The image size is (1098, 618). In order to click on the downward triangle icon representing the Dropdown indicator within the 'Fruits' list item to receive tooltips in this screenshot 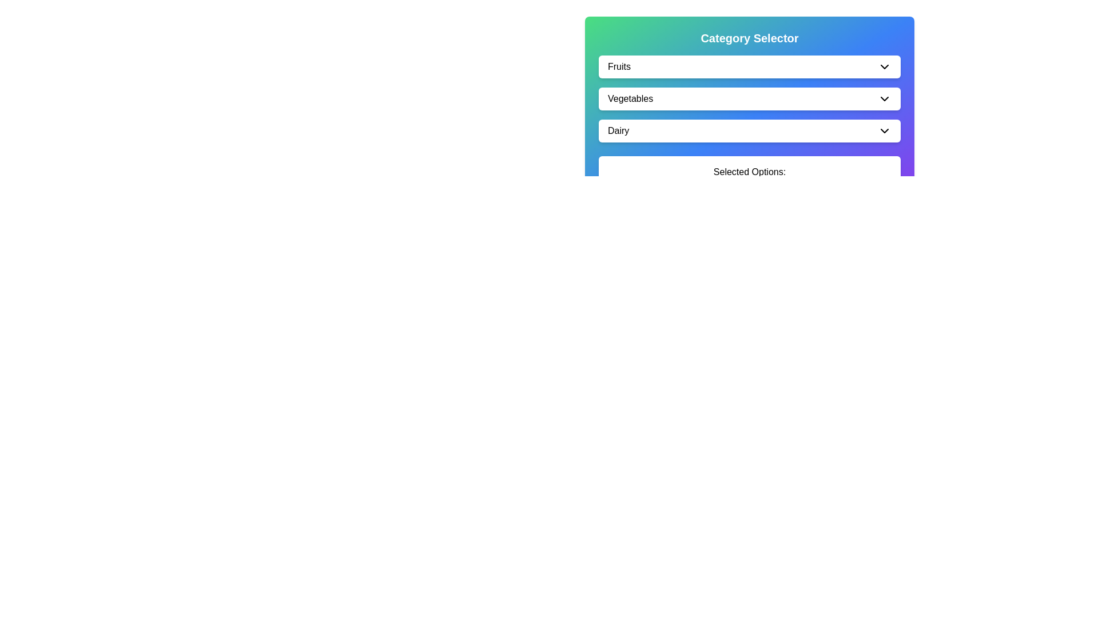, I will do `click(884, 66)`.